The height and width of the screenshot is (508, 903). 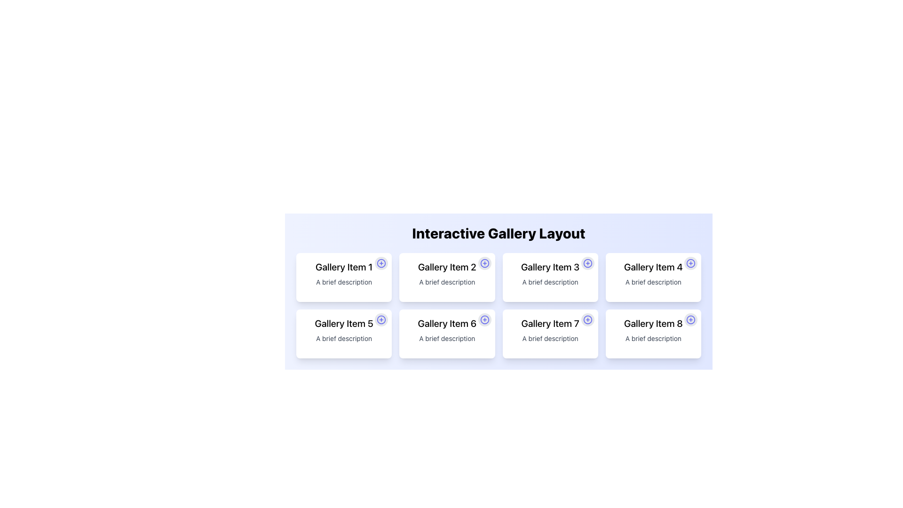 What do you see at coordinates (690, 319) in the screenshot?
I see `the circular button with a plus icon inside it, located in the top-right corner of 'Gallery Item 8' card` at bounding box center [690, 319].